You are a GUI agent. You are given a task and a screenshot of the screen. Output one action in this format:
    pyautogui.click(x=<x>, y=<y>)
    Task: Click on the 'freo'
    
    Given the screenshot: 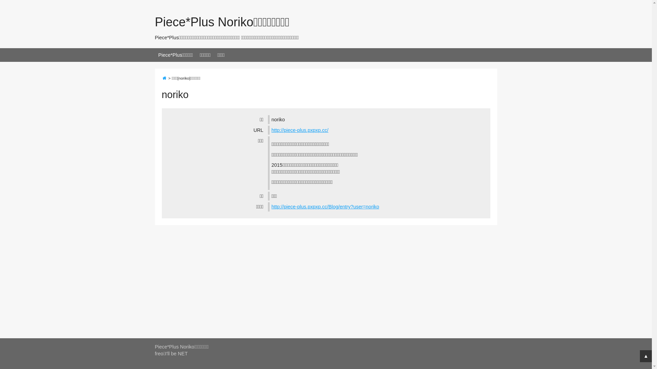 What is the action you would take?
    pyautogui.click(x=158, y=353)
    